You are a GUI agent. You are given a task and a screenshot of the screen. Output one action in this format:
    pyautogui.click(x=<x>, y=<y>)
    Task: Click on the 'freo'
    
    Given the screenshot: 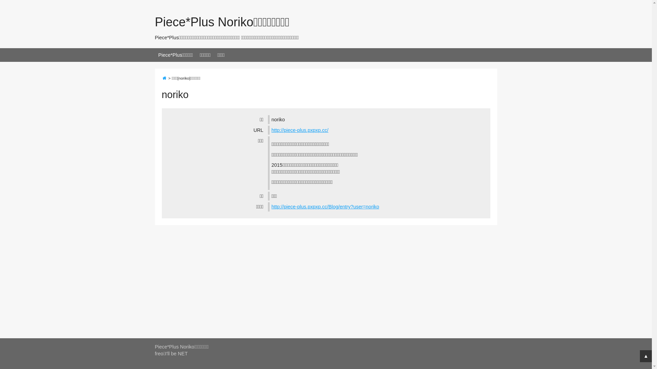 What is the action you would take?
    pyautogui.click(x=158, y=353)
    